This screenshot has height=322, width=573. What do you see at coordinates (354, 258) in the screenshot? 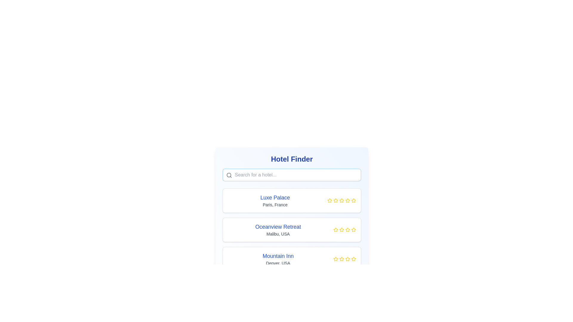
I see `the sixth star icon on the far right of the rating bar to trigger specific actions if enabled` at bounding box center [354, 258].